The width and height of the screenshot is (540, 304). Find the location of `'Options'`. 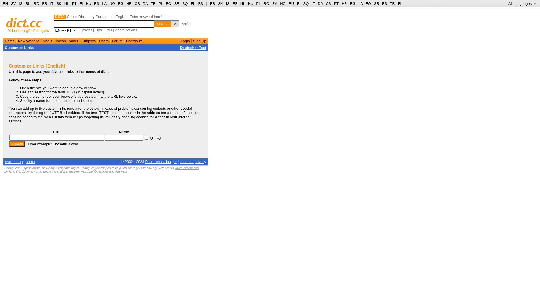

'Options' is located at coordinates (85, 30).